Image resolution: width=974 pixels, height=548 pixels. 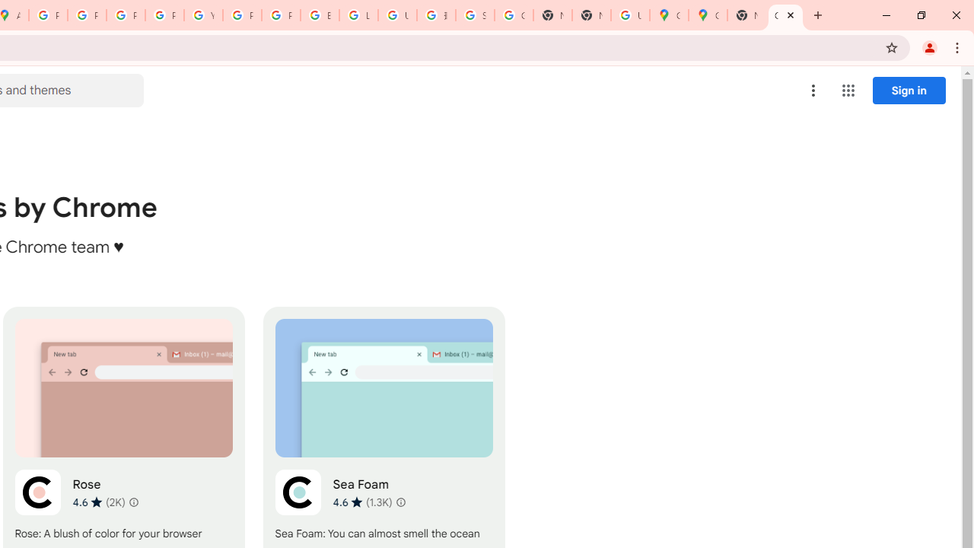 What do you see at coordinates (85, 15) in the screenshot?
I see `'Privacy Help Center - Policies Help'` at bounding box center [85, 15].